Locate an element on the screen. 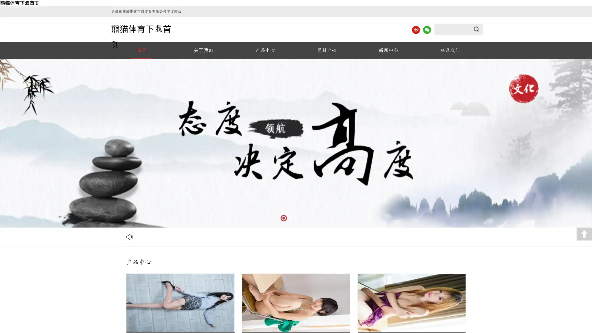 The image size is (592, 333). Submit is located at coordinates (476, 29).